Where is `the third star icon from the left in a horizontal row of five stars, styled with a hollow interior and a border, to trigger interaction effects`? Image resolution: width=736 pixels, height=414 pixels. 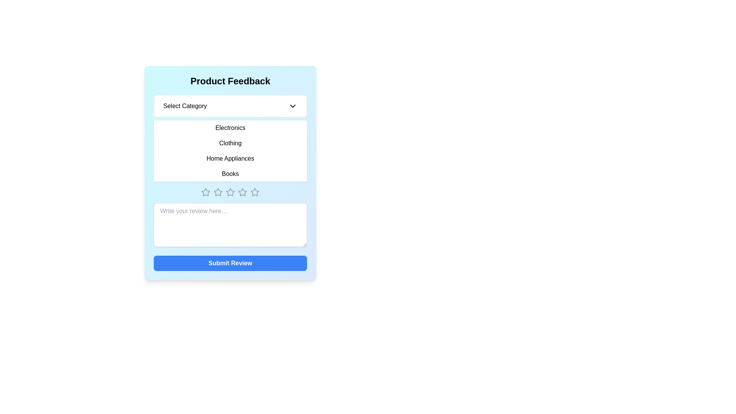
the third star icon from the left in a horizontal row of five stars, styled with a hollow interior and a border, to trigger interaction effects is located at coordinates (218, 192).